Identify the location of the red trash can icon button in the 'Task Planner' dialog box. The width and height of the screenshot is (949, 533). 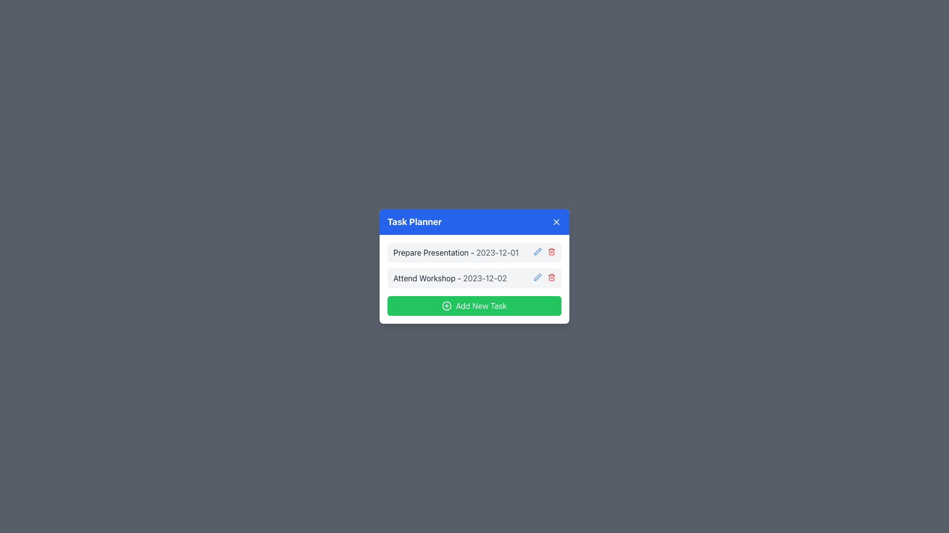
(551, 277).